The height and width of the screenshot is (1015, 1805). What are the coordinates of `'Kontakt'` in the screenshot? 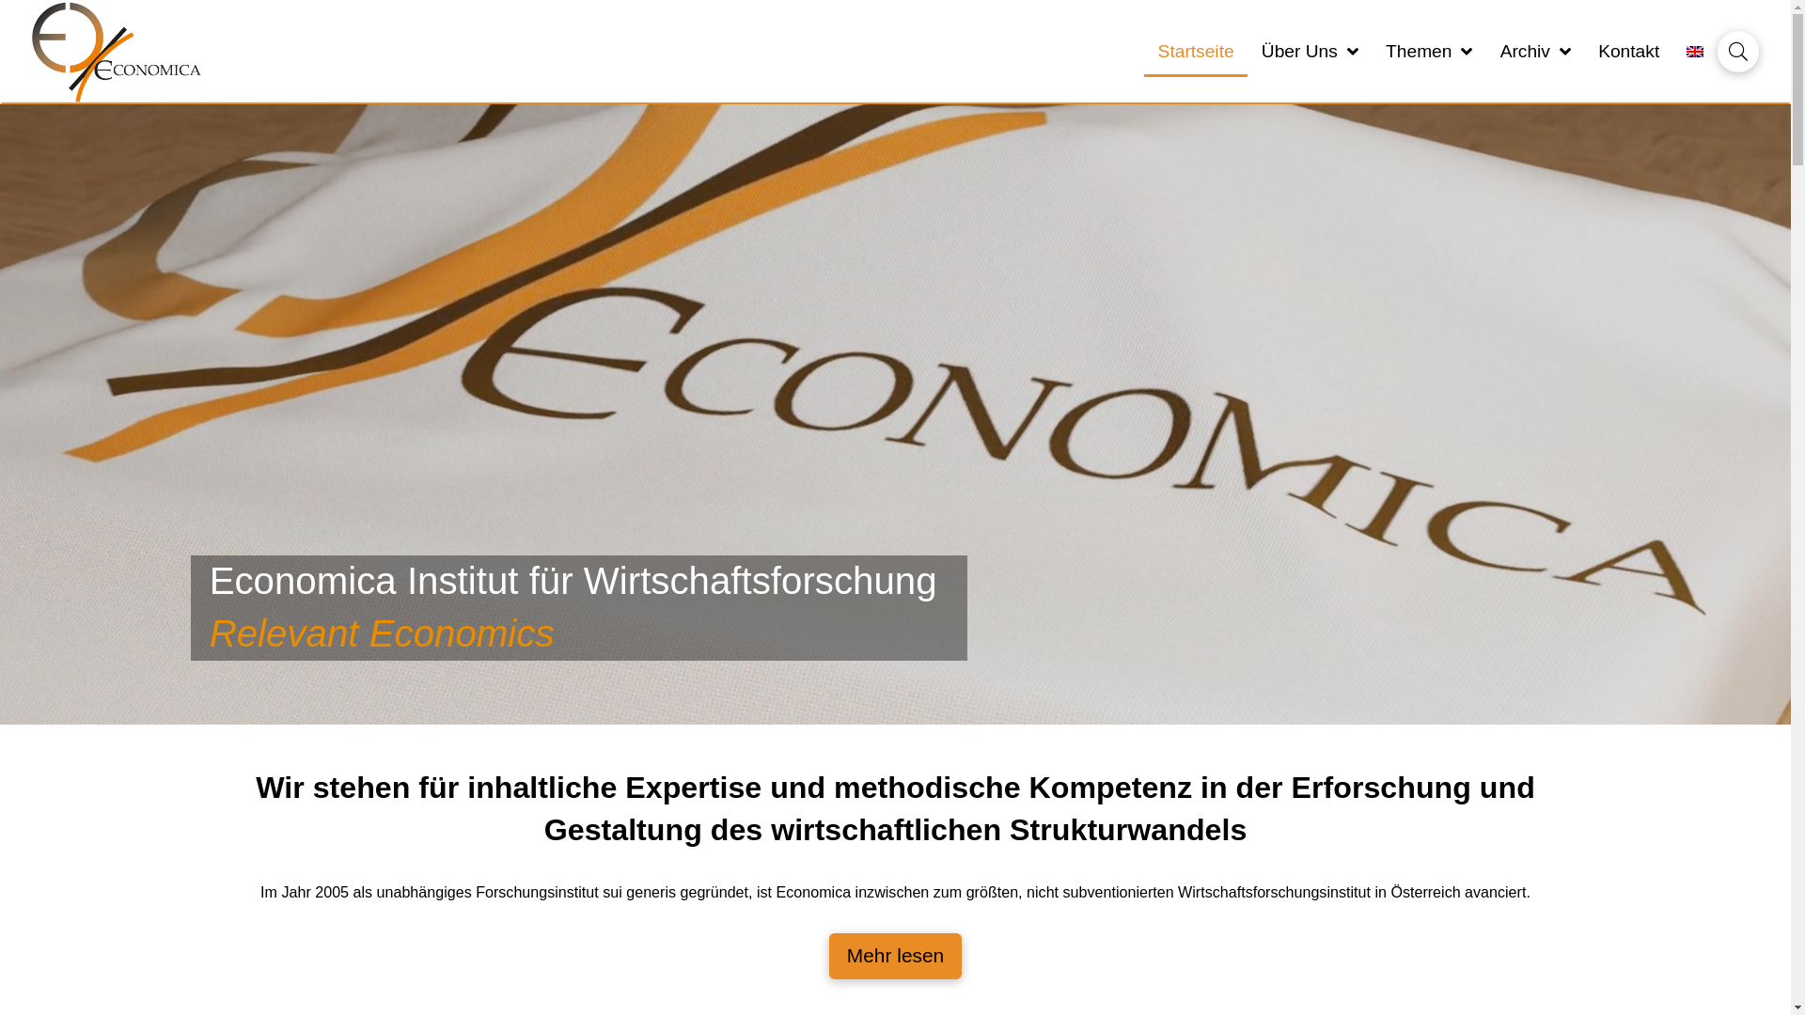 It's located at (1583, 51).